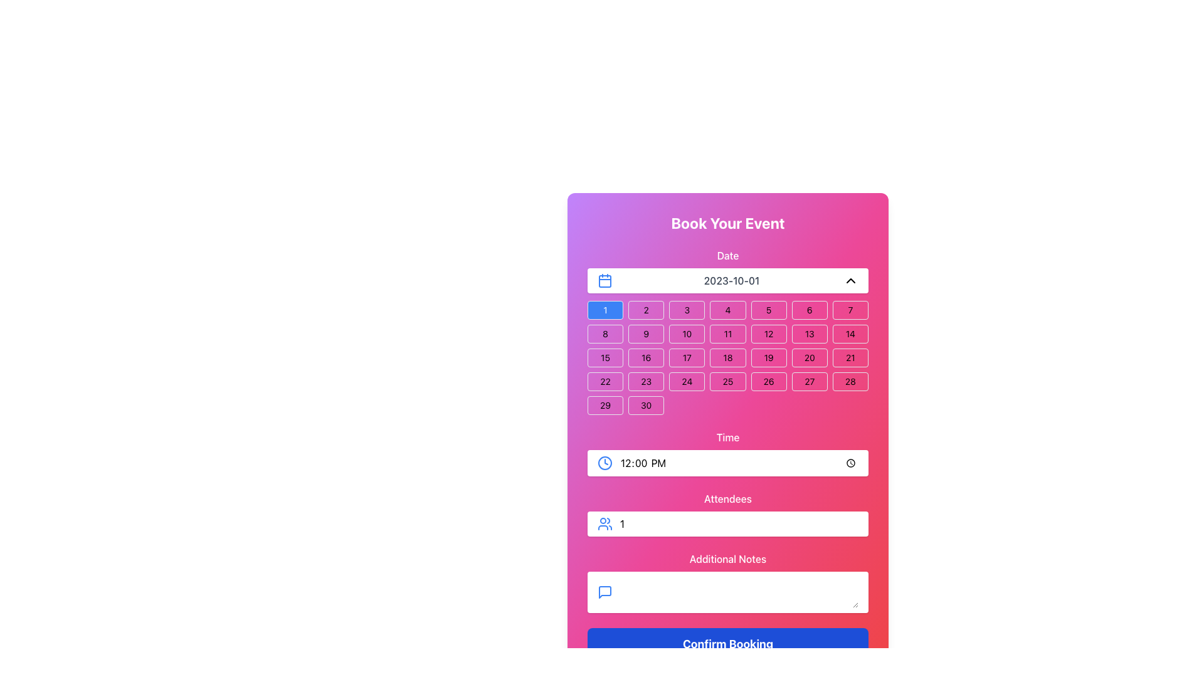 This screenshot has width=1204, height=677. Describe the element at coordinates (850, 333) in the screenshot. I see `the button` at that location.